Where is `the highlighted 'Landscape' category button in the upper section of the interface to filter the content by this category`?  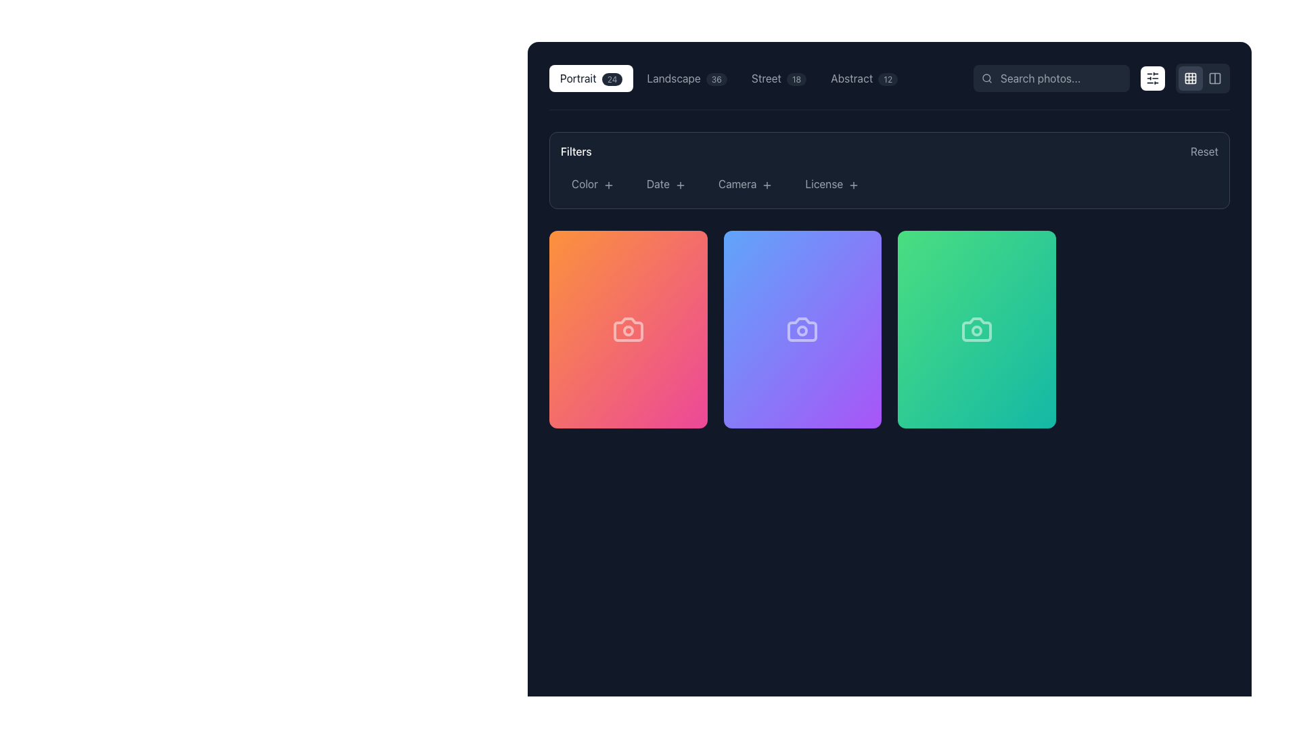
the highlighted 'Landscape' category button in the upper section of the interface to filter the content by this category is located at coordinates (728, 78).